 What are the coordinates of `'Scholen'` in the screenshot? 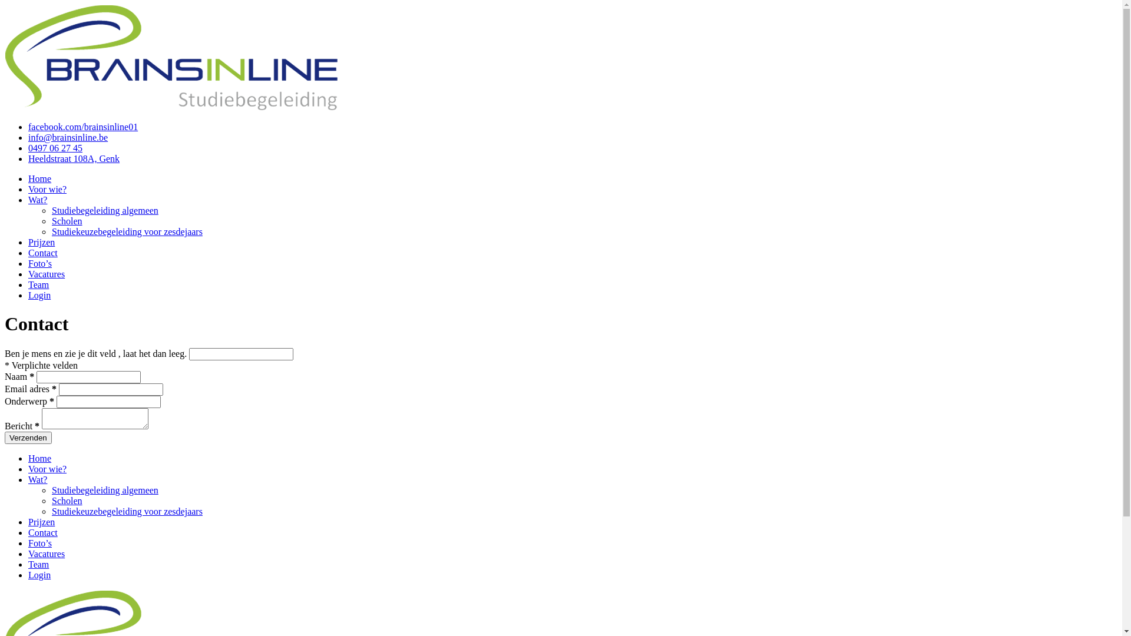 It's located at (67, 501).